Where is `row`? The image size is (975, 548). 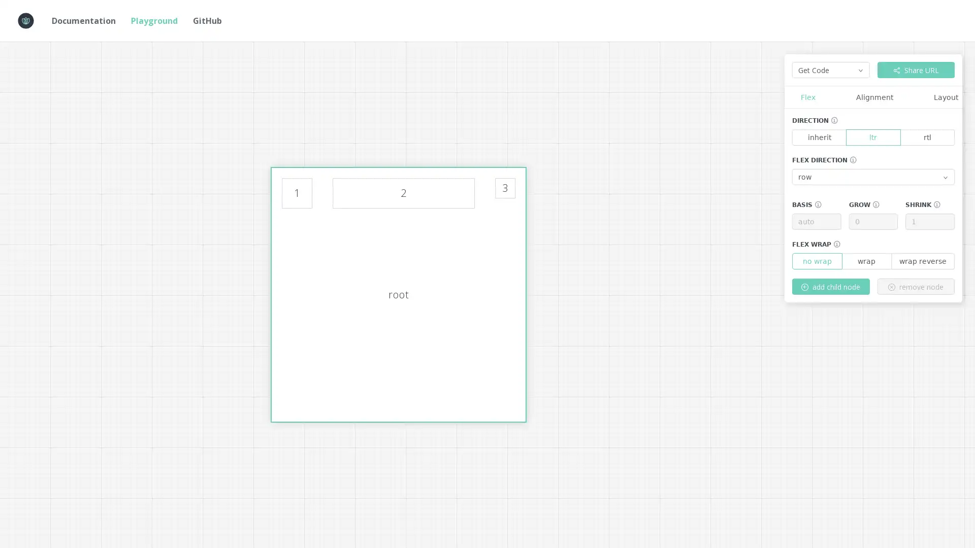 row is located at coordinates (872, 176).